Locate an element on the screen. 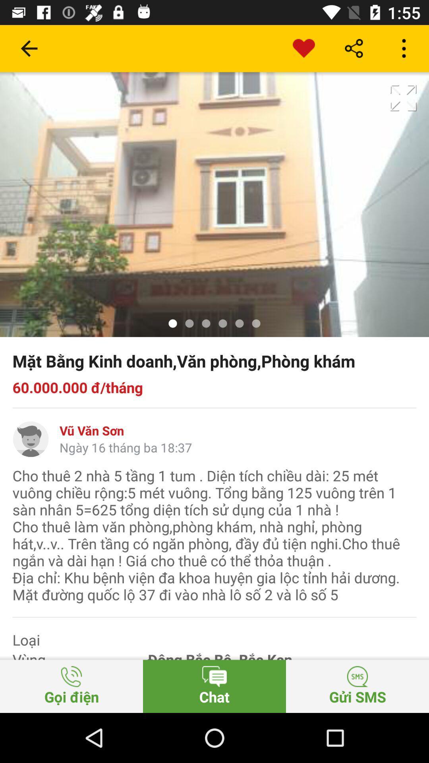 The height and width of the screenshot is (763, 429). chat is located at coordinates (214, 686).